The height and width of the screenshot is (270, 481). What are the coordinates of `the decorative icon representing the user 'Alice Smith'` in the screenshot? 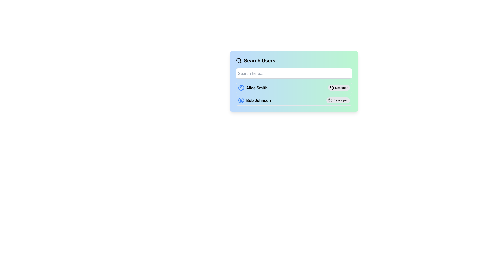 It's located at (241, 87).